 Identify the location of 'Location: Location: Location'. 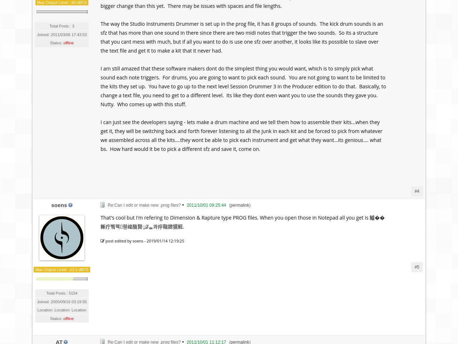
(37, 309).